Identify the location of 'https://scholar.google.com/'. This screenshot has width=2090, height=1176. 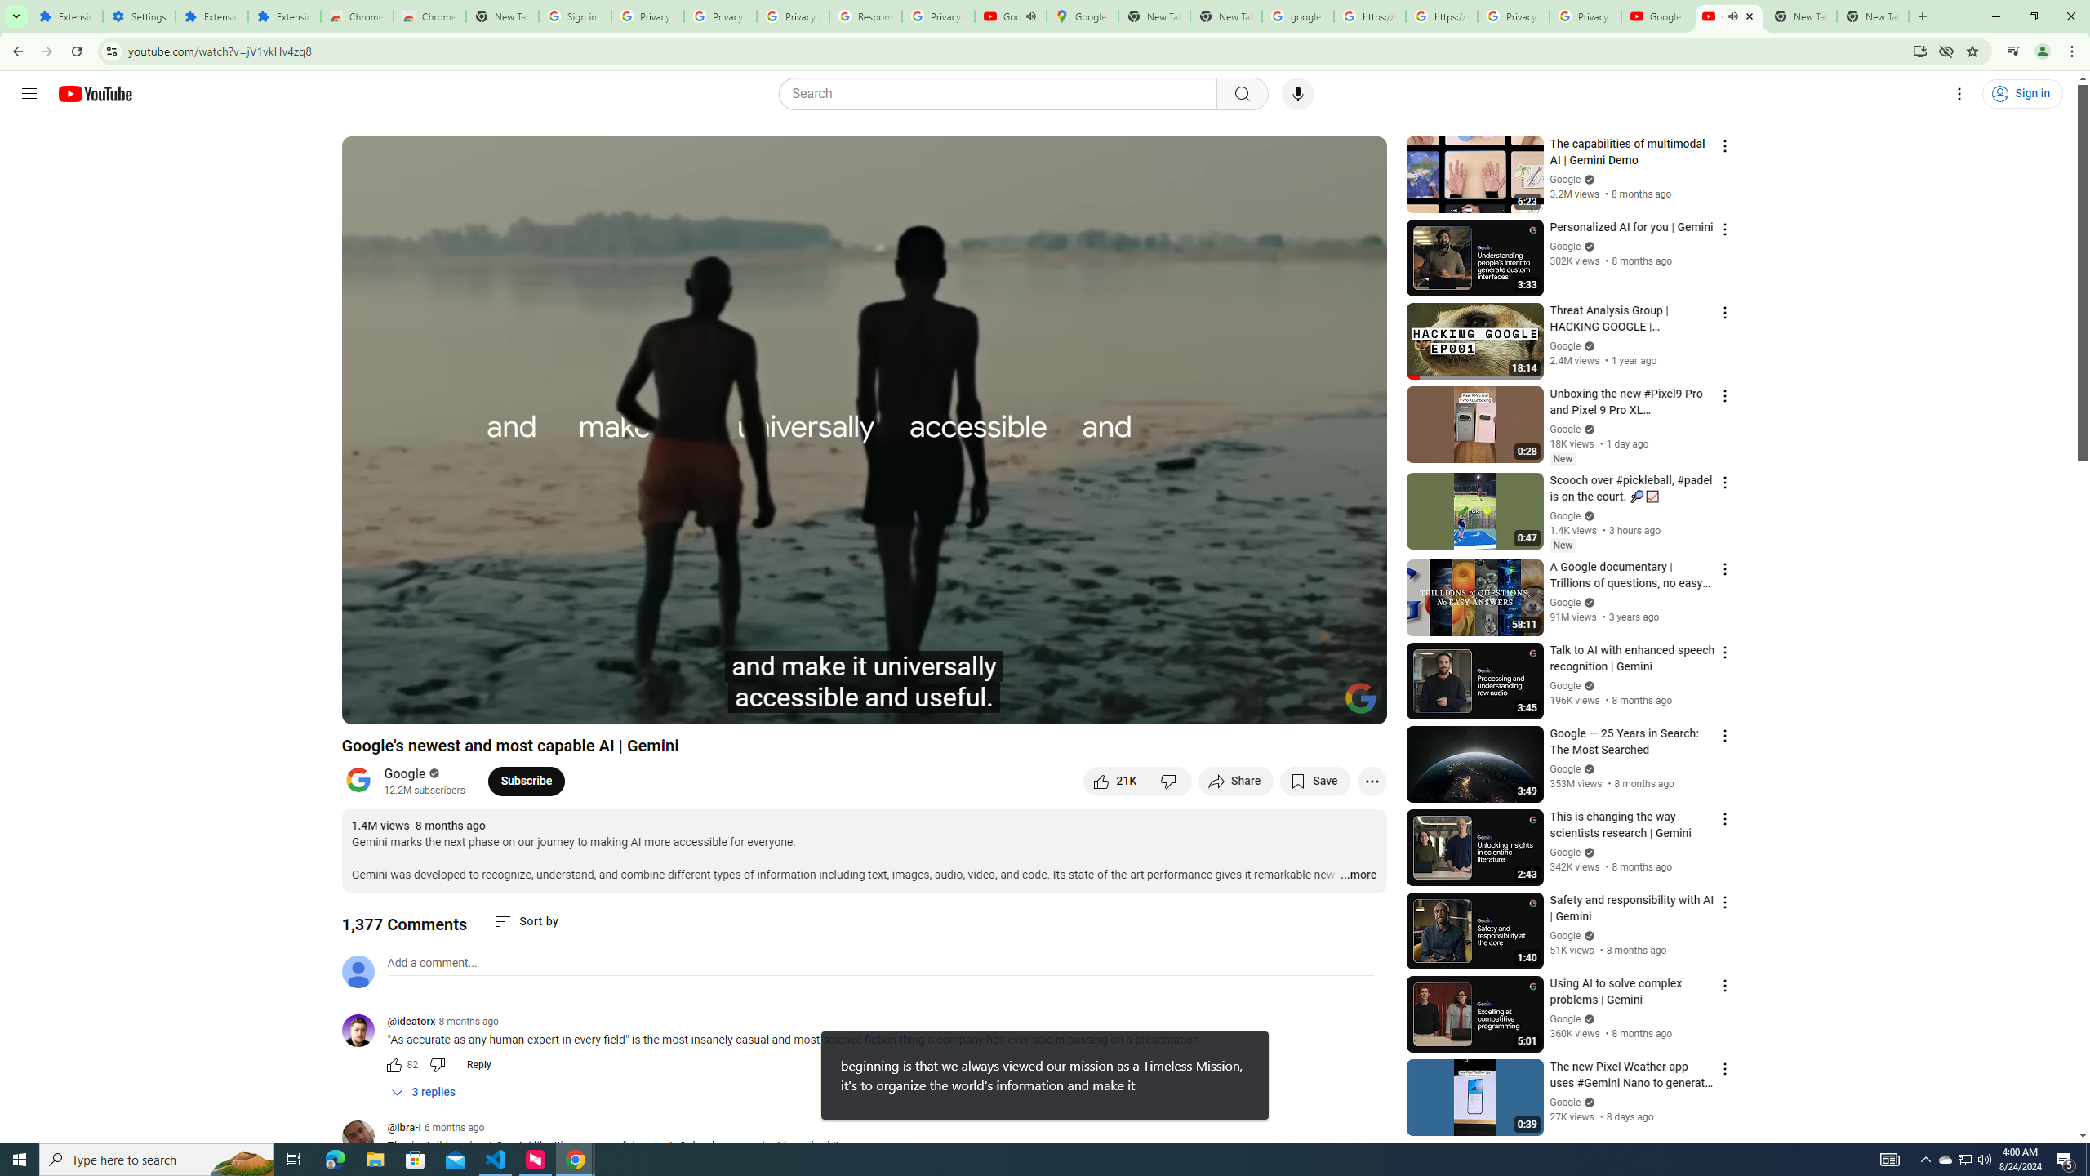
(1441, 16).